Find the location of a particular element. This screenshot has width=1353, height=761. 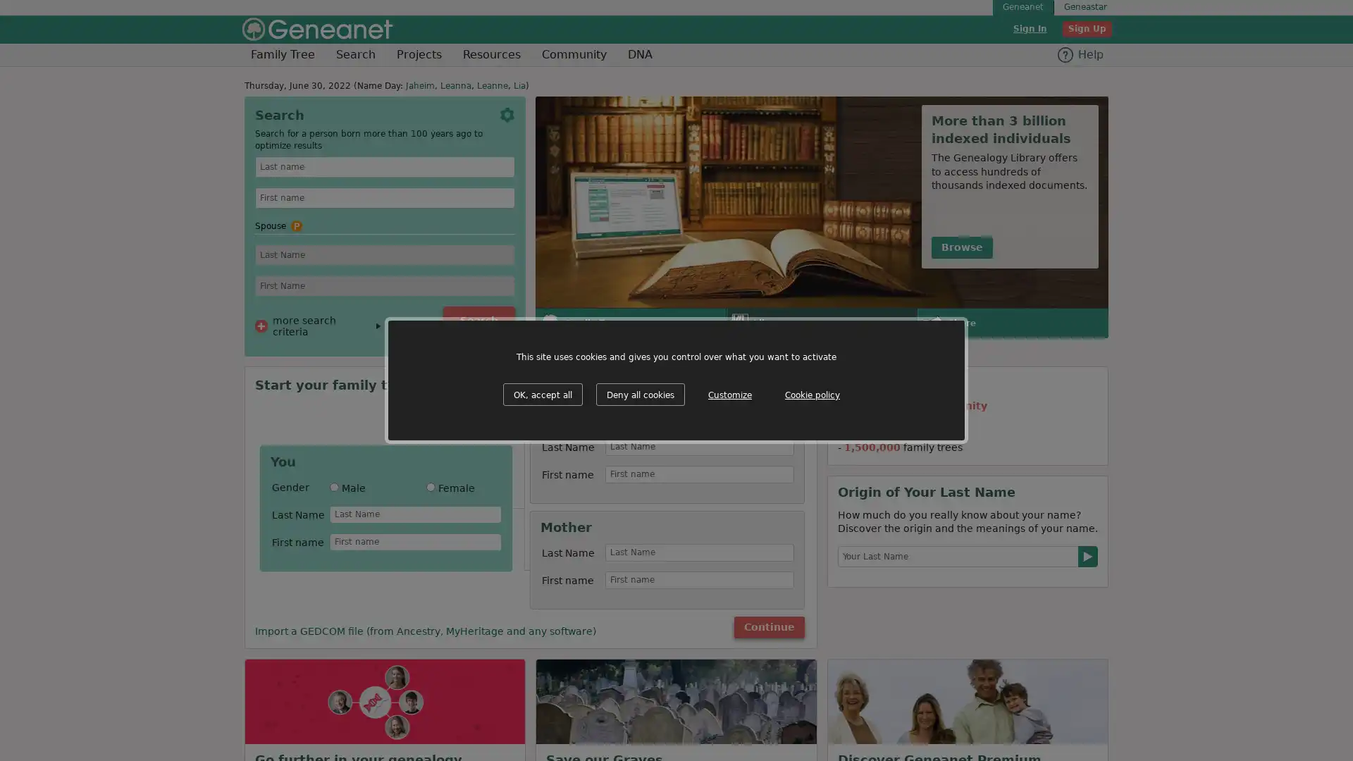

OK, accept all is located at coordinates (542, 394).